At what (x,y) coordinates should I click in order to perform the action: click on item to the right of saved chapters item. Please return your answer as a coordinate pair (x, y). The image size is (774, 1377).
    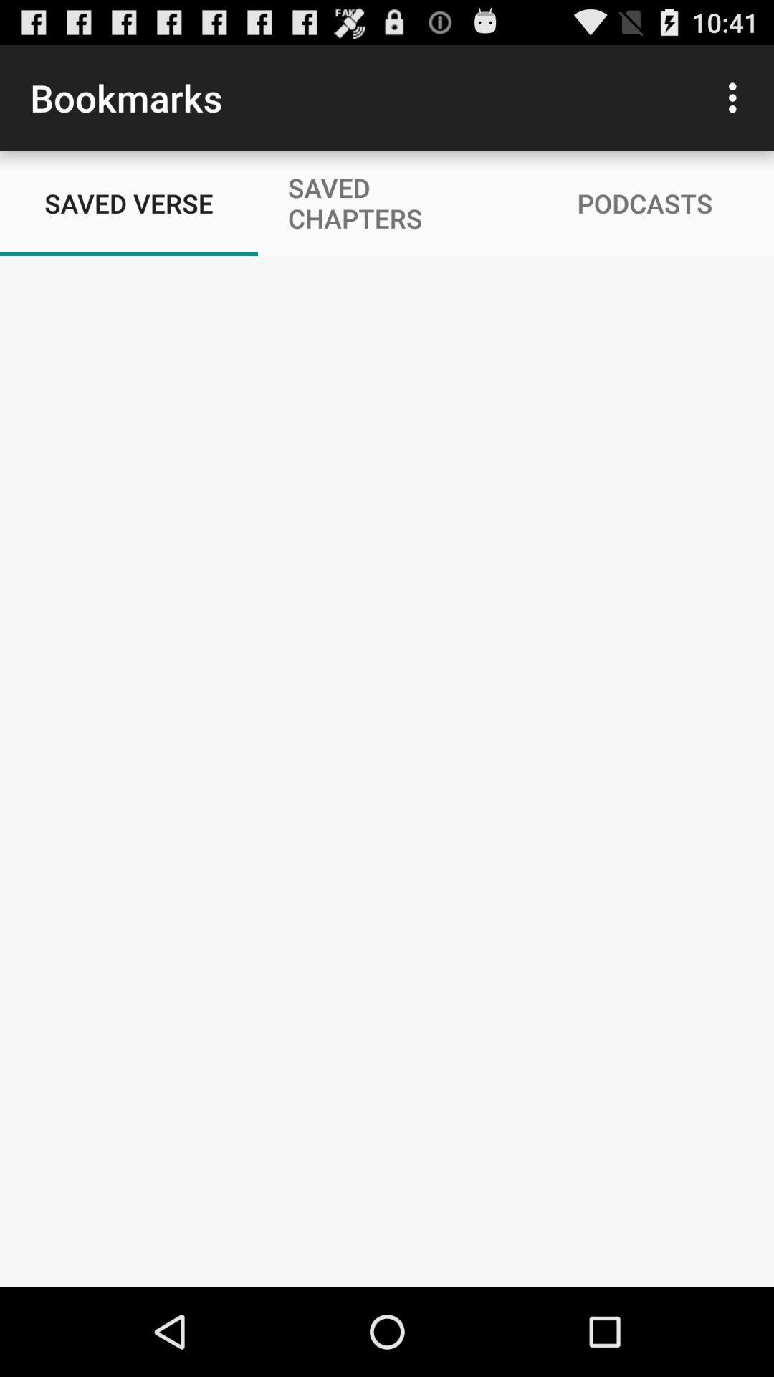
    Looking at the image, I should click on (736, 97).